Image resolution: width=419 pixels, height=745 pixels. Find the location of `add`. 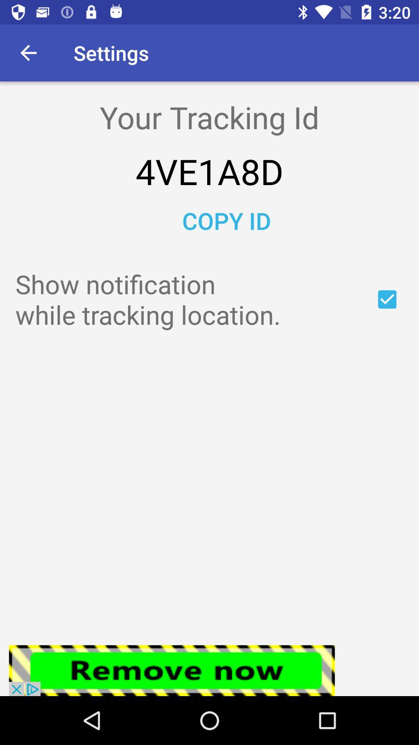

add is located at coordinates (387, 299).